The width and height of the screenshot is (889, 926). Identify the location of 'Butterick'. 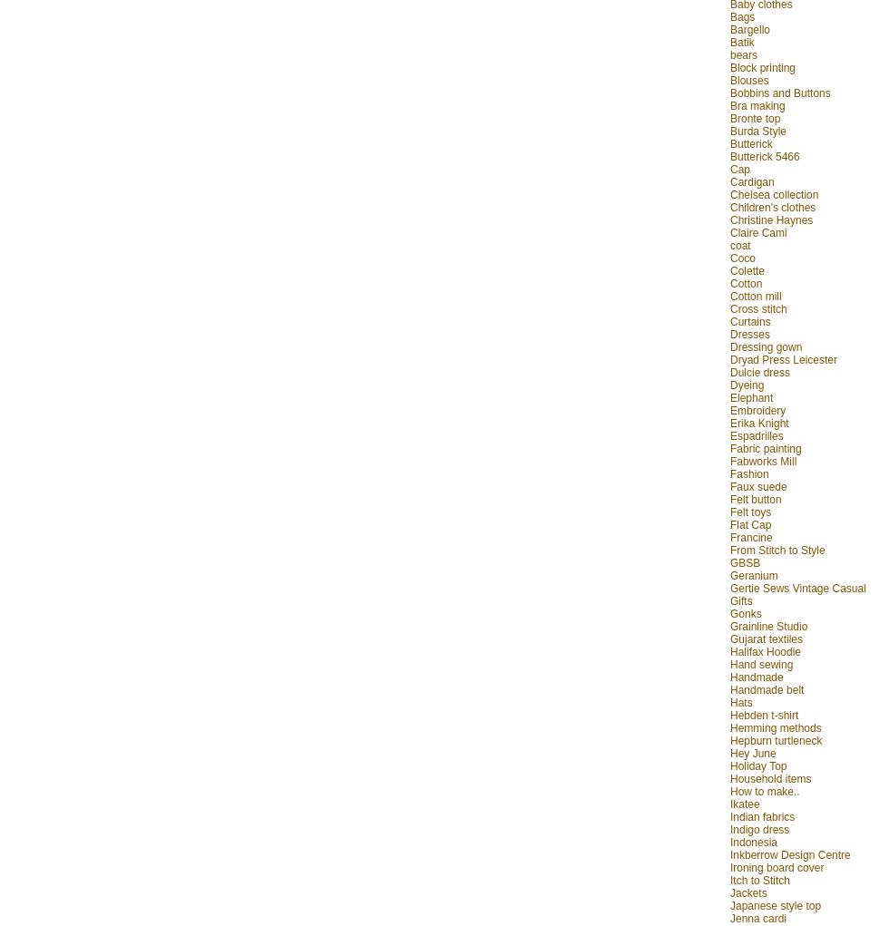
(751, 142).